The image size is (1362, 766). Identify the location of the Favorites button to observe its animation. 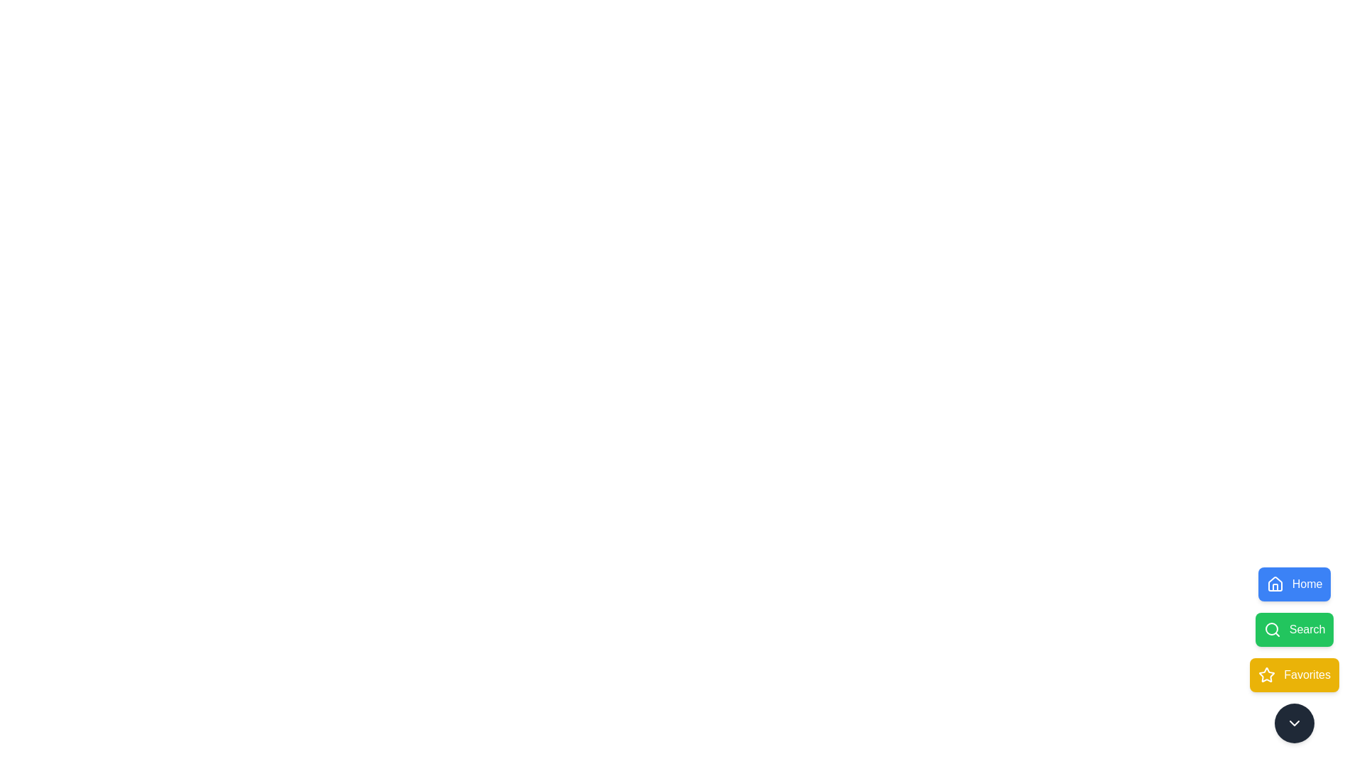
(1294, 675).